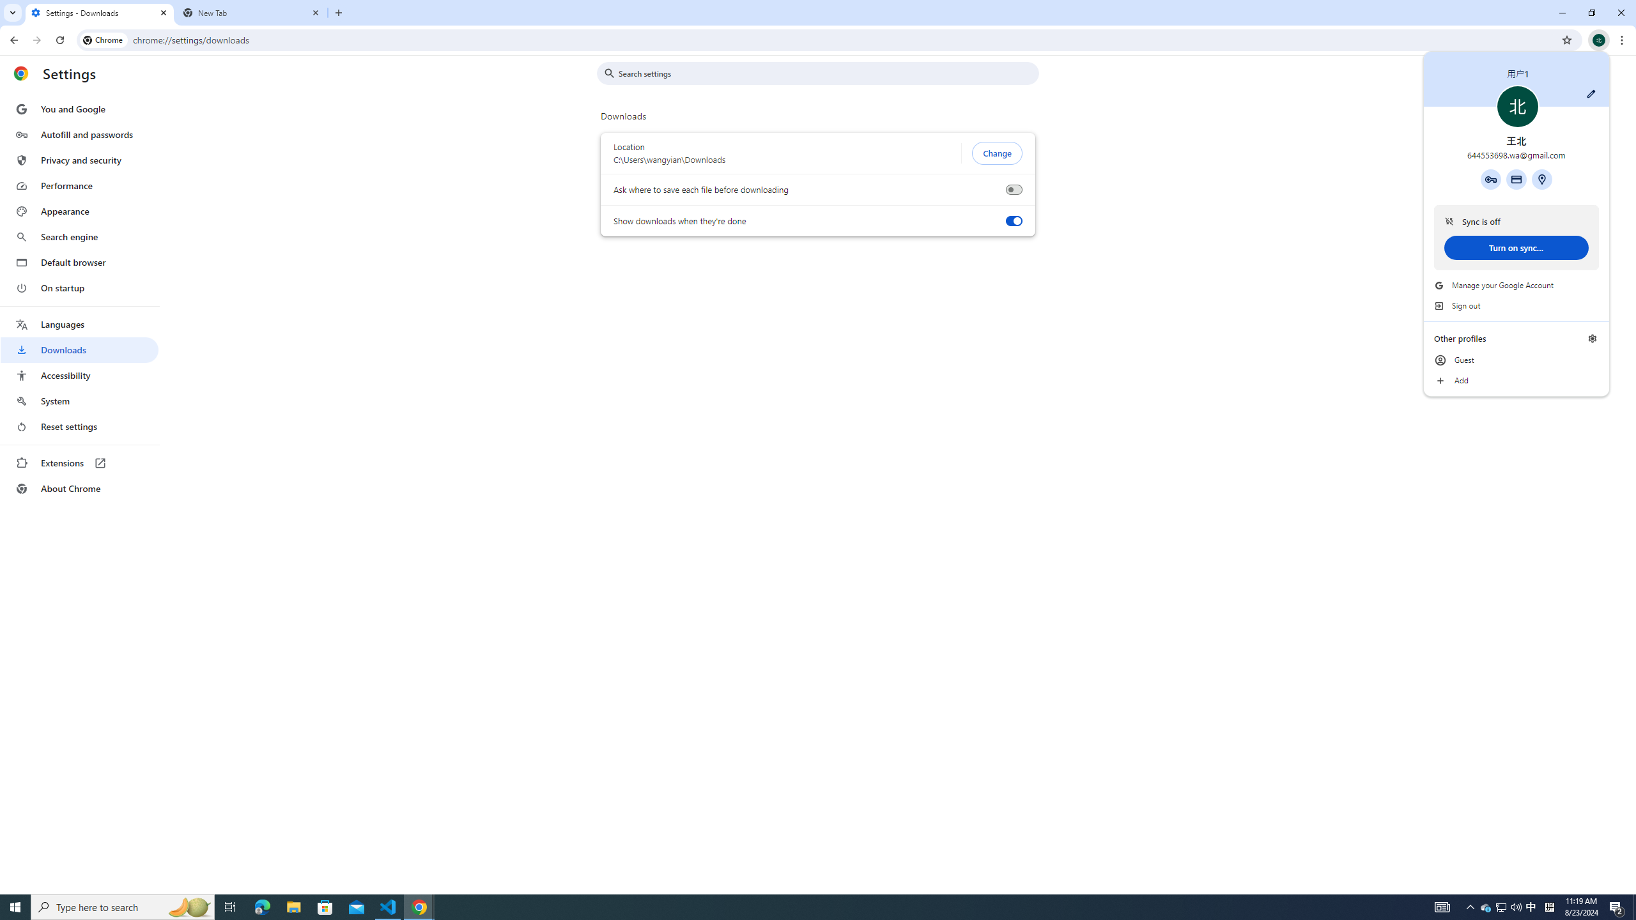 This screenshot has width=1636, height=920. I want to click on 'Search settings', so click(826, 73).